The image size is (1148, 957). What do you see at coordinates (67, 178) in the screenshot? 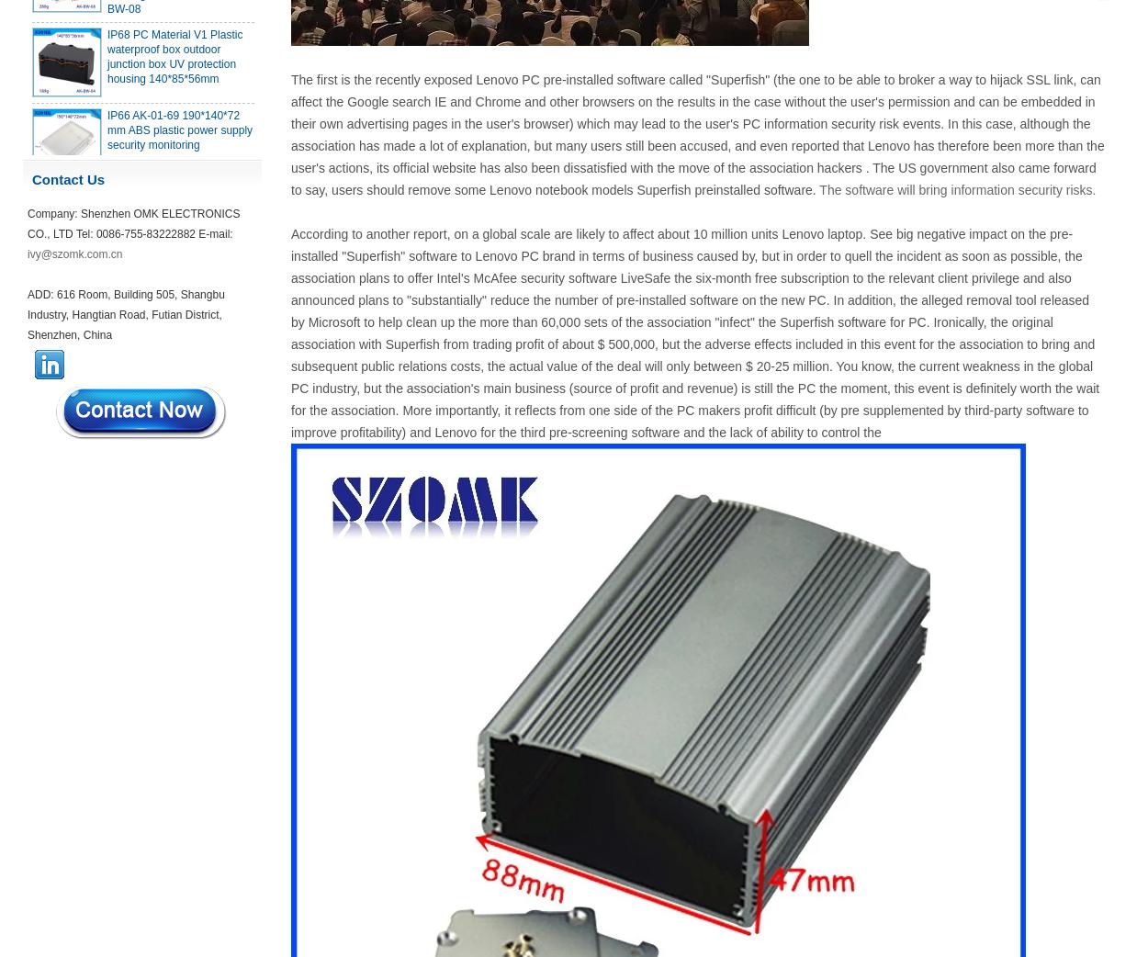
I see `'Contact Us'` at bounding box center [67, 178].